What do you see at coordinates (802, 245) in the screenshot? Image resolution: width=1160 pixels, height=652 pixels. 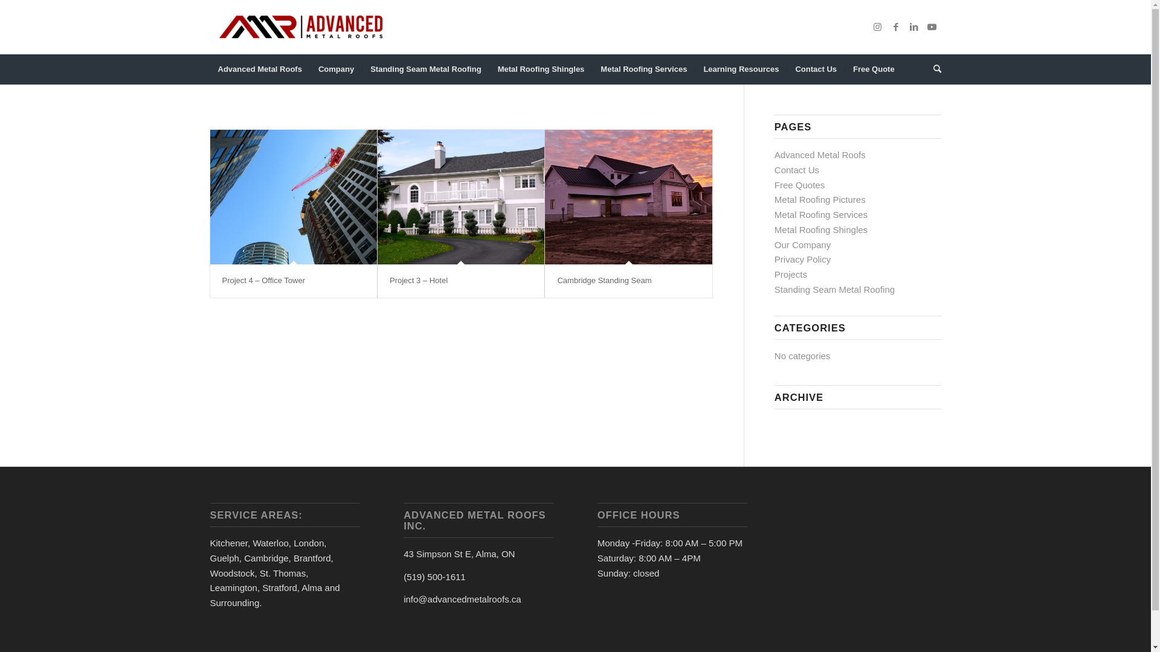 I see `'Our Company'` at bounding box center [802, 245].